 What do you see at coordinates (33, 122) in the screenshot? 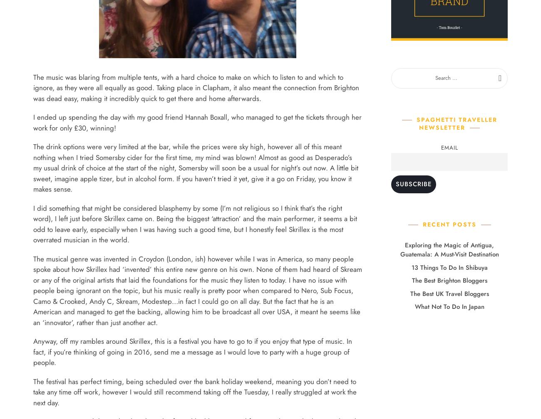
I see `'I ended up spending the day with my good friend Hannah Boxall, who managed to get the tickets through her work for only £30, winning!'` at bounding box center [33, 122].